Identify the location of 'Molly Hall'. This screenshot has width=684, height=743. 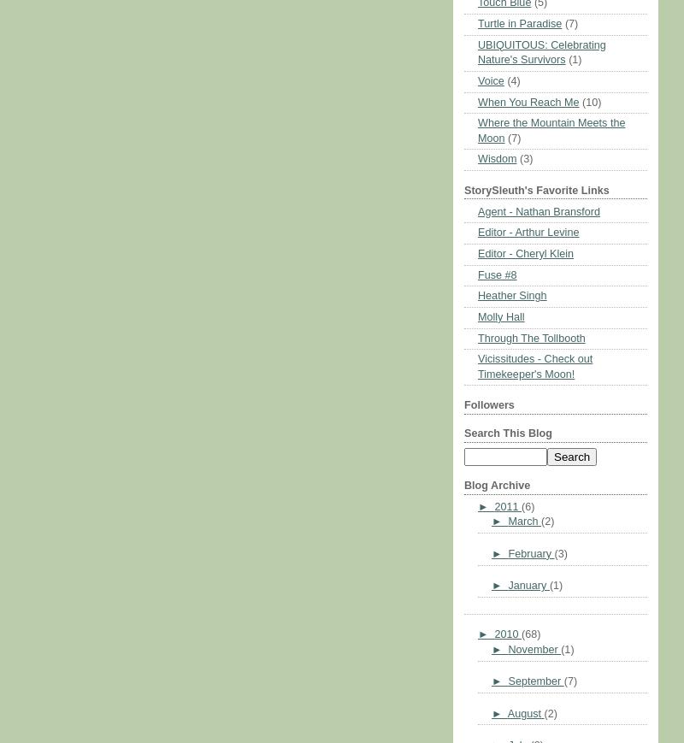
(500, 315).